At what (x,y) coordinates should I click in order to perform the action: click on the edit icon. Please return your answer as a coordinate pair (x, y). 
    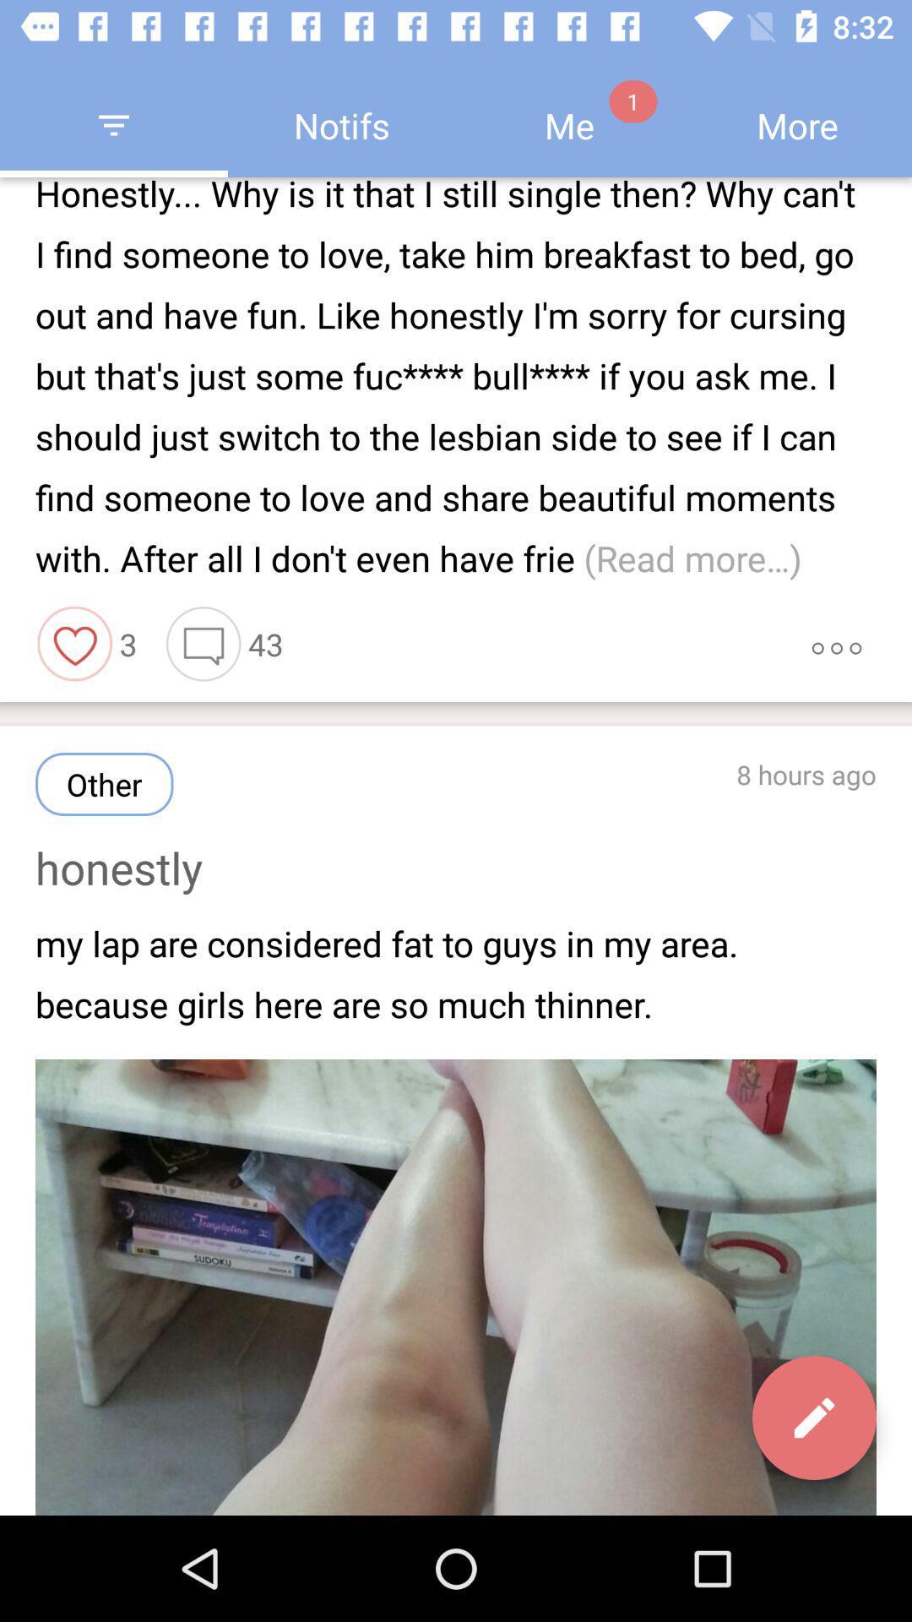
    Looking at the image, I should click on (813, 1418).